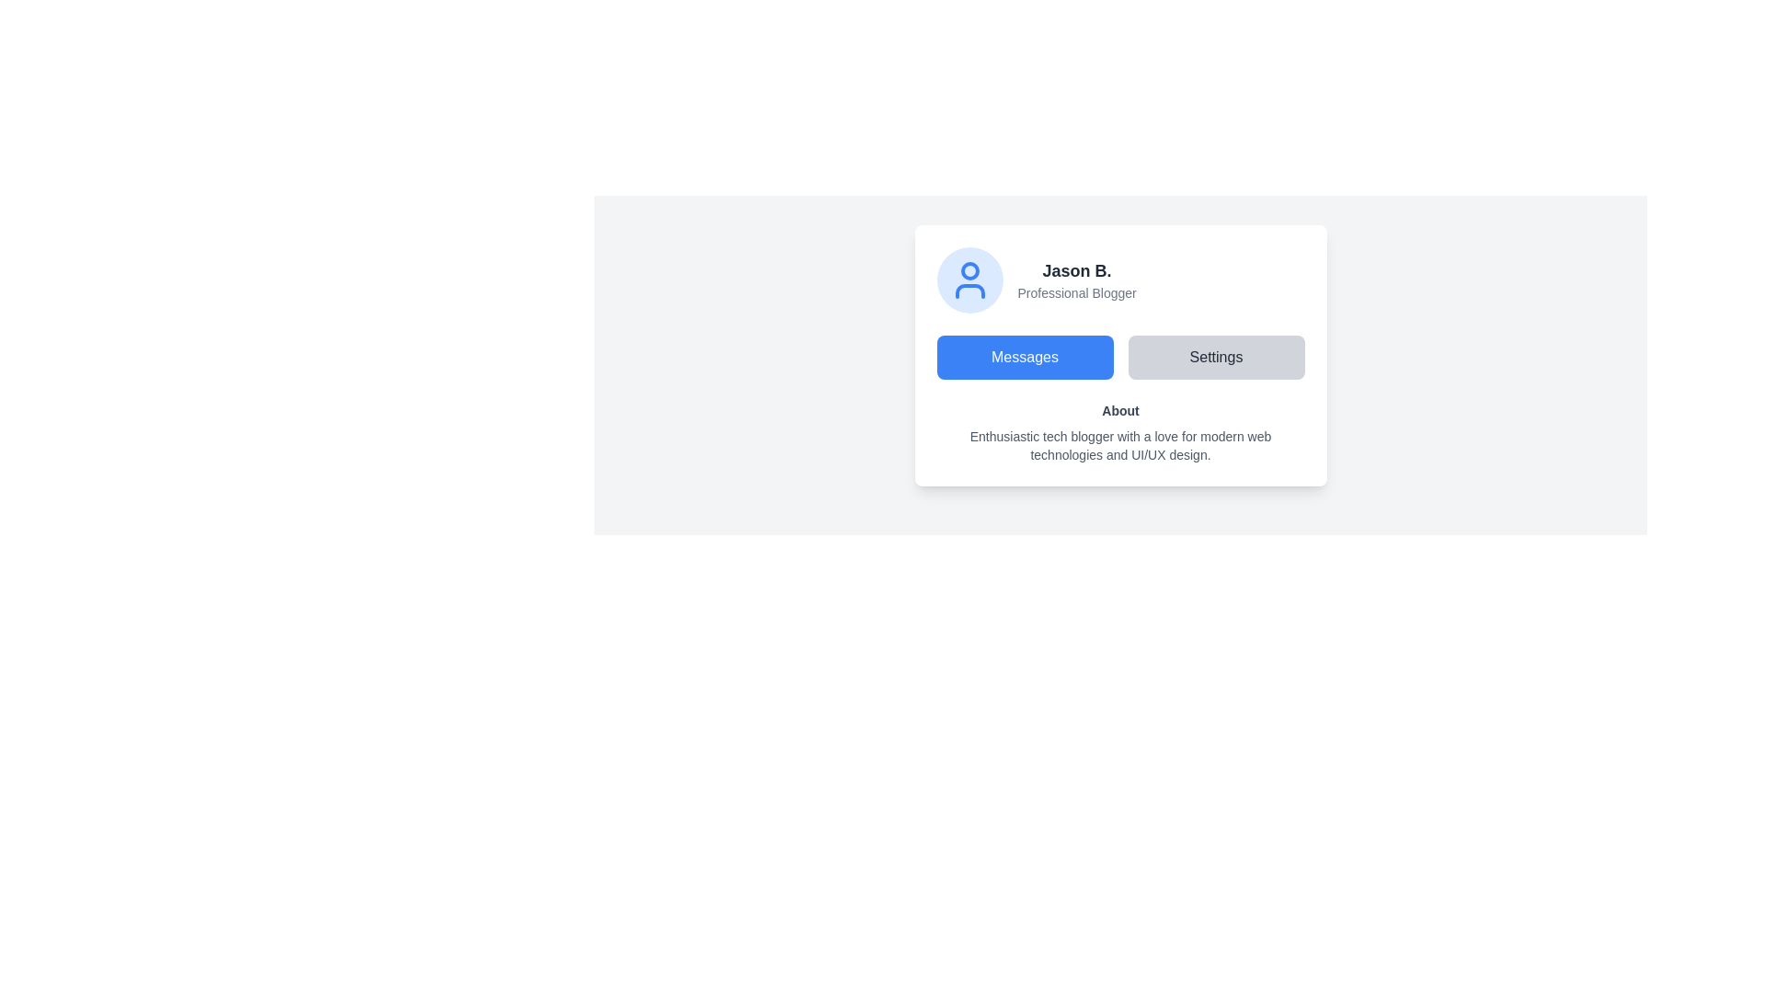  I want to click on the user profile icon located at the center of the prominent rectangular card layout, positioned above the 'Jason B.' label and user description, so click(969, 280).